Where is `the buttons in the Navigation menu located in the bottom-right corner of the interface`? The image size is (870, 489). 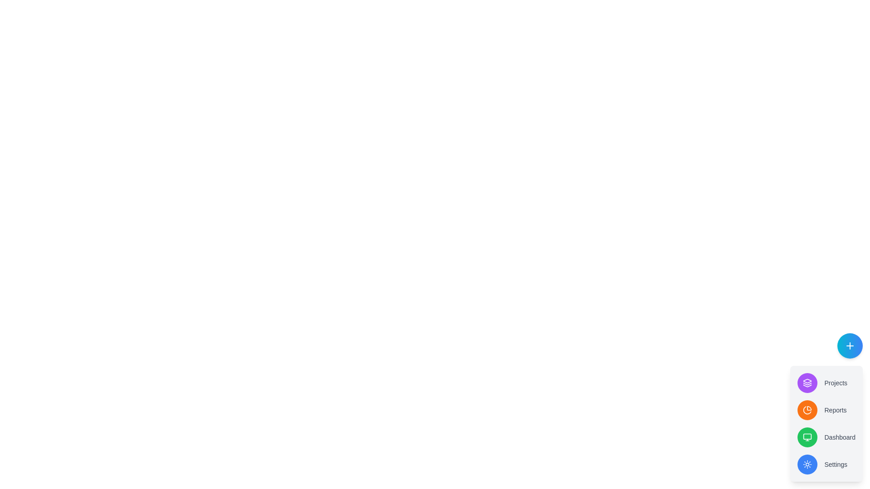
the buttons in the Navigation menu located in the bottom-right corner of the interface is located at coordinates (826, 424).